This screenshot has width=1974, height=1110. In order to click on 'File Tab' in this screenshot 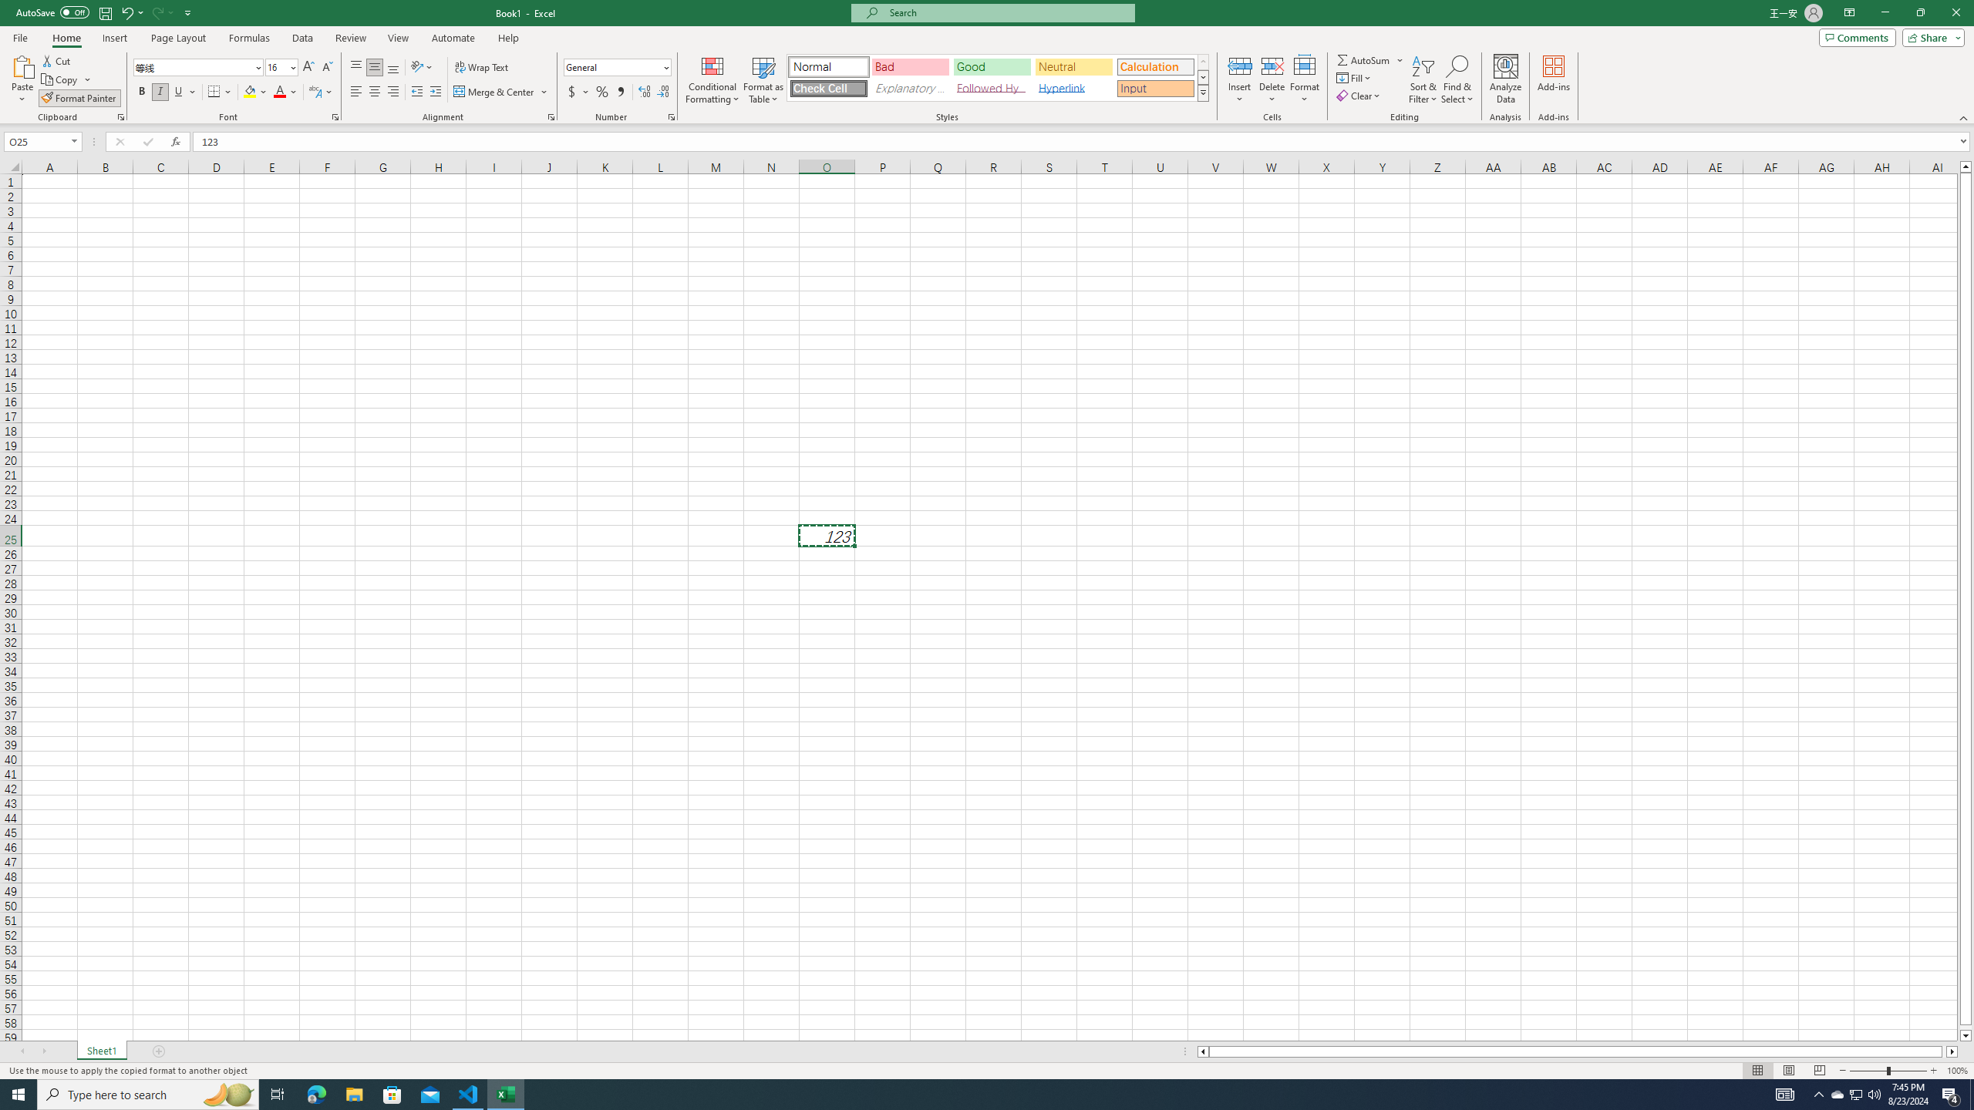, I will do `click(19, 36)`.